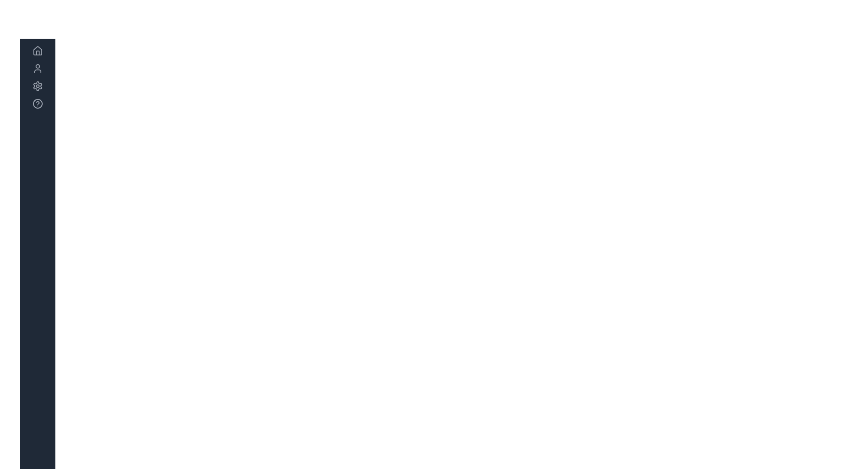  I want to click on the Circle SVG element that symbolizes help or assistance within the vertical navigation panel on the left side of the interface, so click(37, 103).